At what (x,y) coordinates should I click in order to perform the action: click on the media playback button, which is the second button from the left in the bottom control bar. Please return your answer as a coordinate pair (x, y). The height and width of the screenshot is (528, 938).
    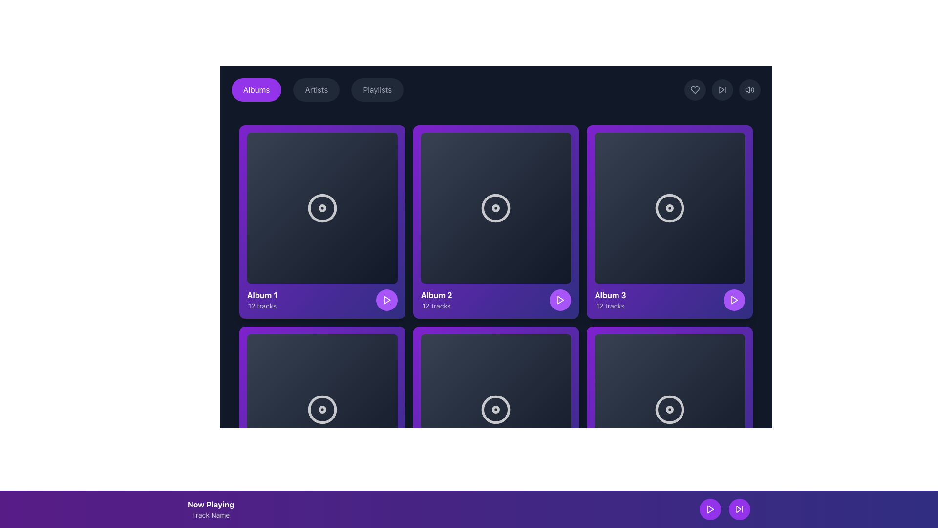
    Looking at the image, I should click on (734, 501).